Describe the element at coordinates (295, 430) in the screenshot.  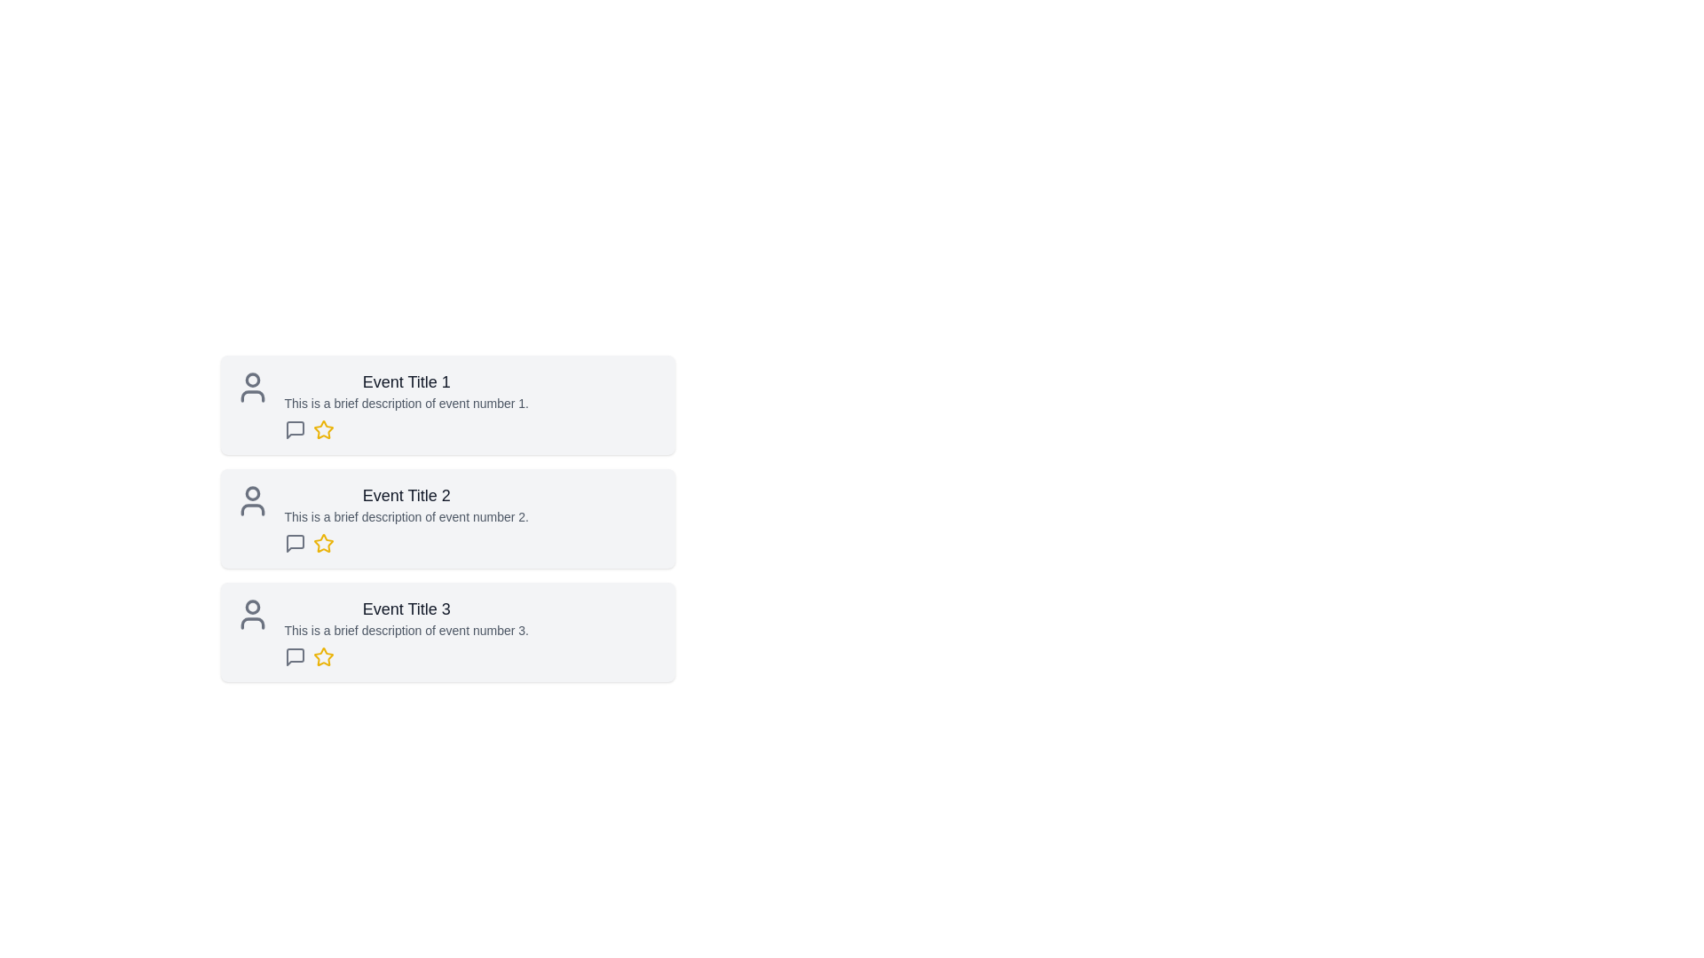
I see `the speech bubble icon representing comments or messages, located within the interactive panel for 'Event Title 1', in the first row of the event list, to the left of the star icon` at that location.